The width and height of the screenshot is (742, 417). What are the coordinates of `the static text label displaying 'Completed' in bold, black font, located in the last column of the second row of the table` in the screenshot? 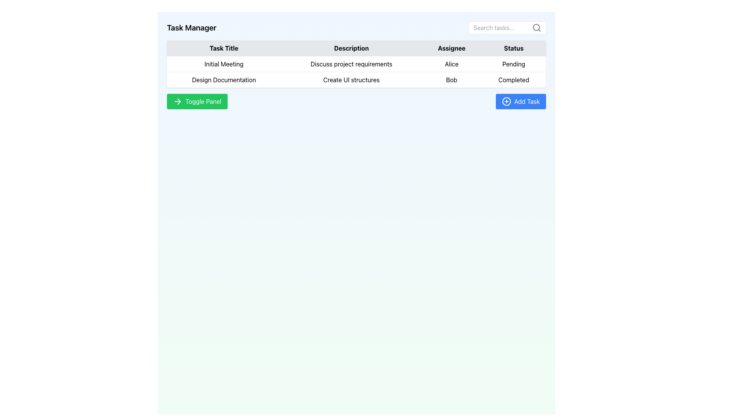 It's located at (514, 80).